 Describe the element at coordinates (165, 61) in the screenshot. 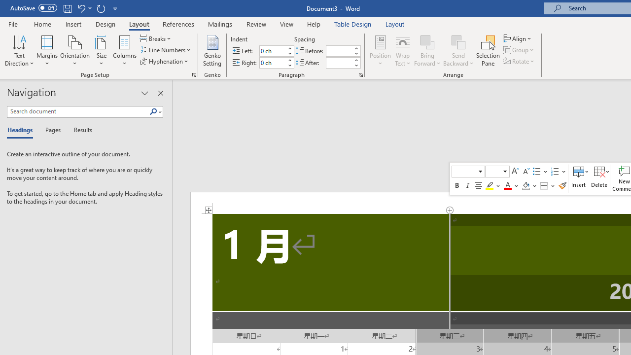

I see `'Hyphenation'` at that location.